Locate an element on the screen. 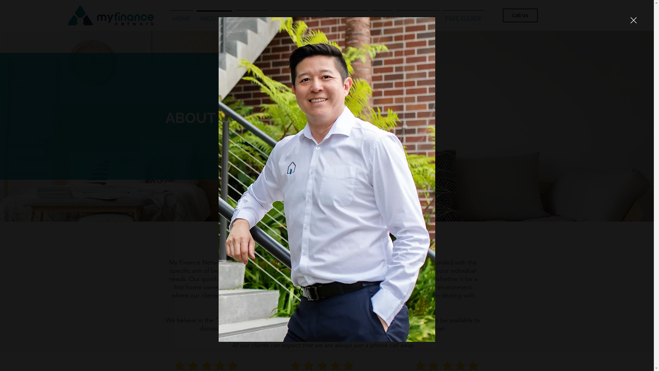  'BLOG' is located at coordinates (381, 15).